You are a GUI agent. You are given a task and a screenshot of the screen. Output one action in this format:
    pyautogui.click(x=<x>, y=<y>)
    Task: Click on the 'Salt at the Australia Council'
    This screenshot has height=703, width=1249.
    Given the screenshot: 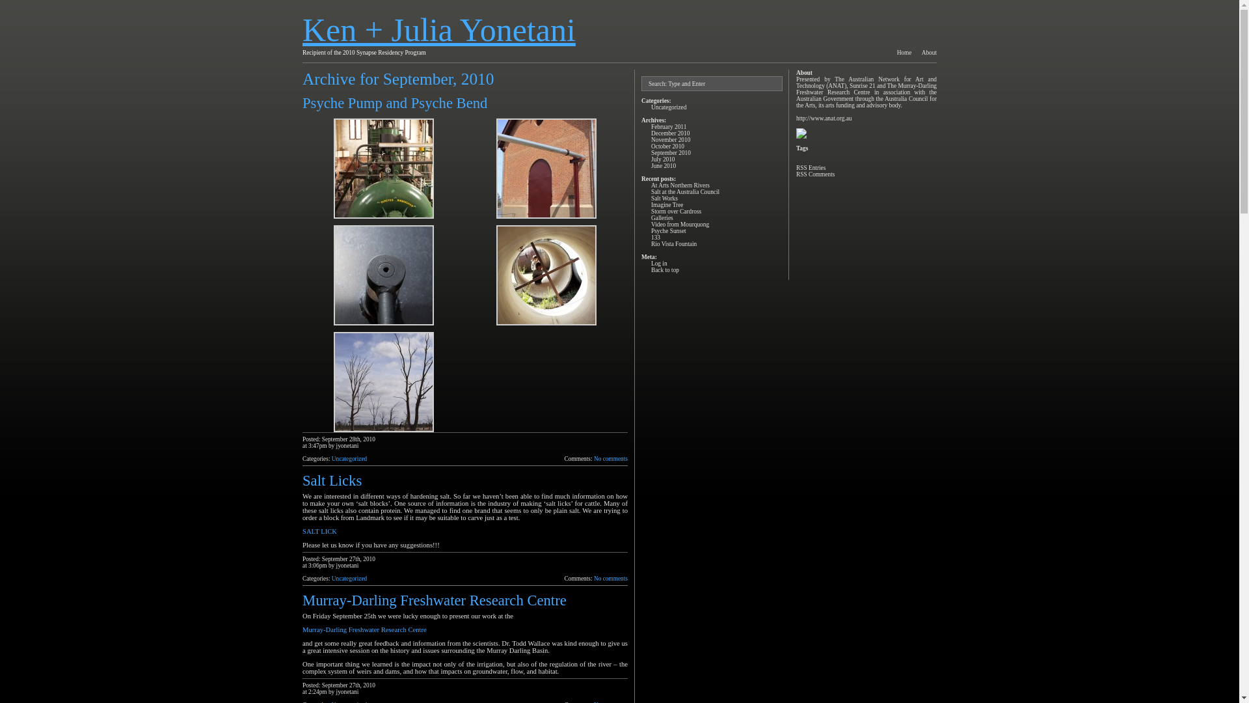 What is the action you would take?
    pyautogui.click(x=684, y=191)
    